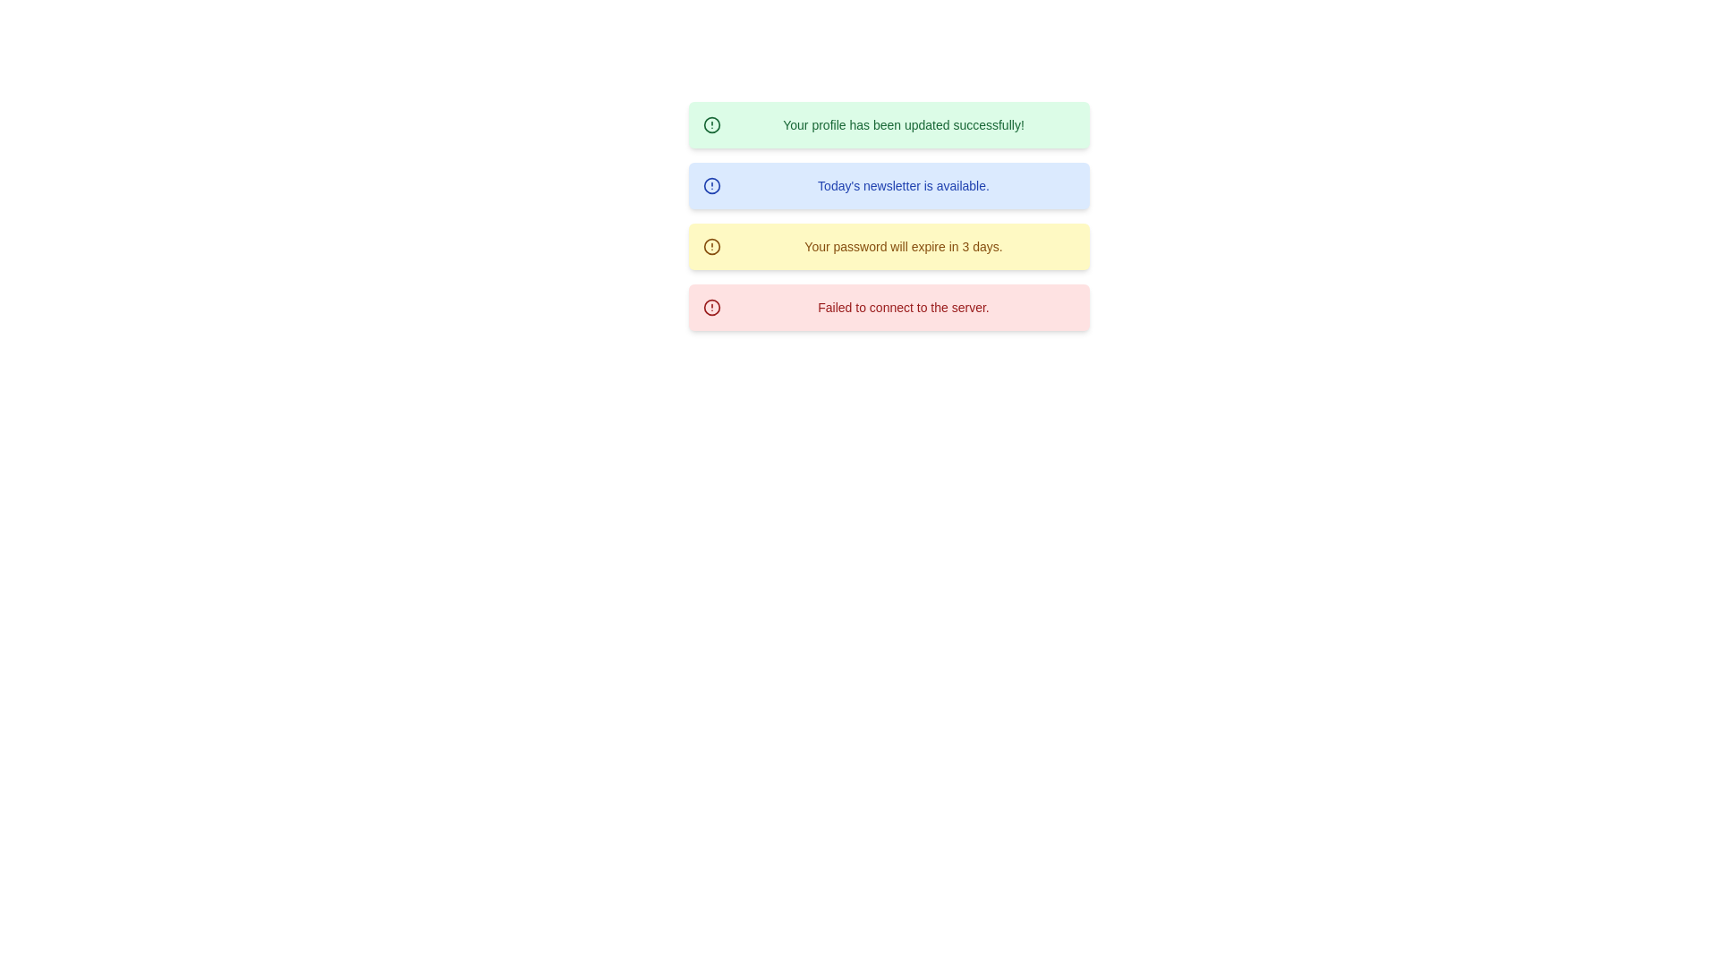 Image resolution: width=1718 pixels, height=966 pixels. I want to click on the text element that displays 'Your profile has been updated successfully!' within the green notification box, so click(903, 123).